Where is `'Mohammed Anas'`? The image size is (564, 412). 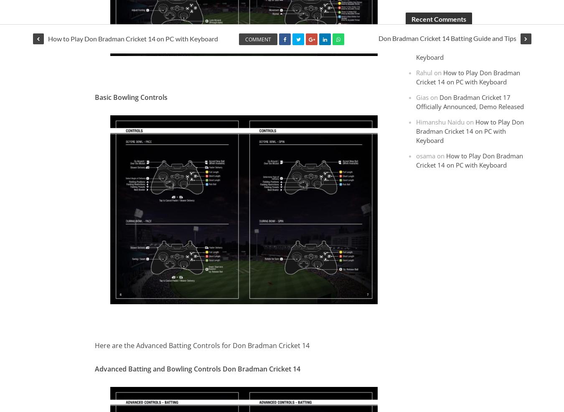
'Mohammed Anas' is located at coordinates (416, 38).